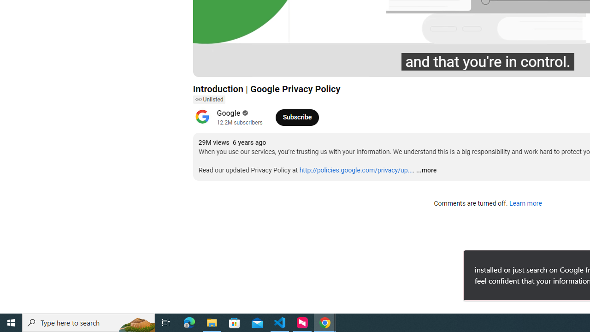  Describe the element at coordinates (525, 203) in the screenshot. I see `'Learn more'` at that location.